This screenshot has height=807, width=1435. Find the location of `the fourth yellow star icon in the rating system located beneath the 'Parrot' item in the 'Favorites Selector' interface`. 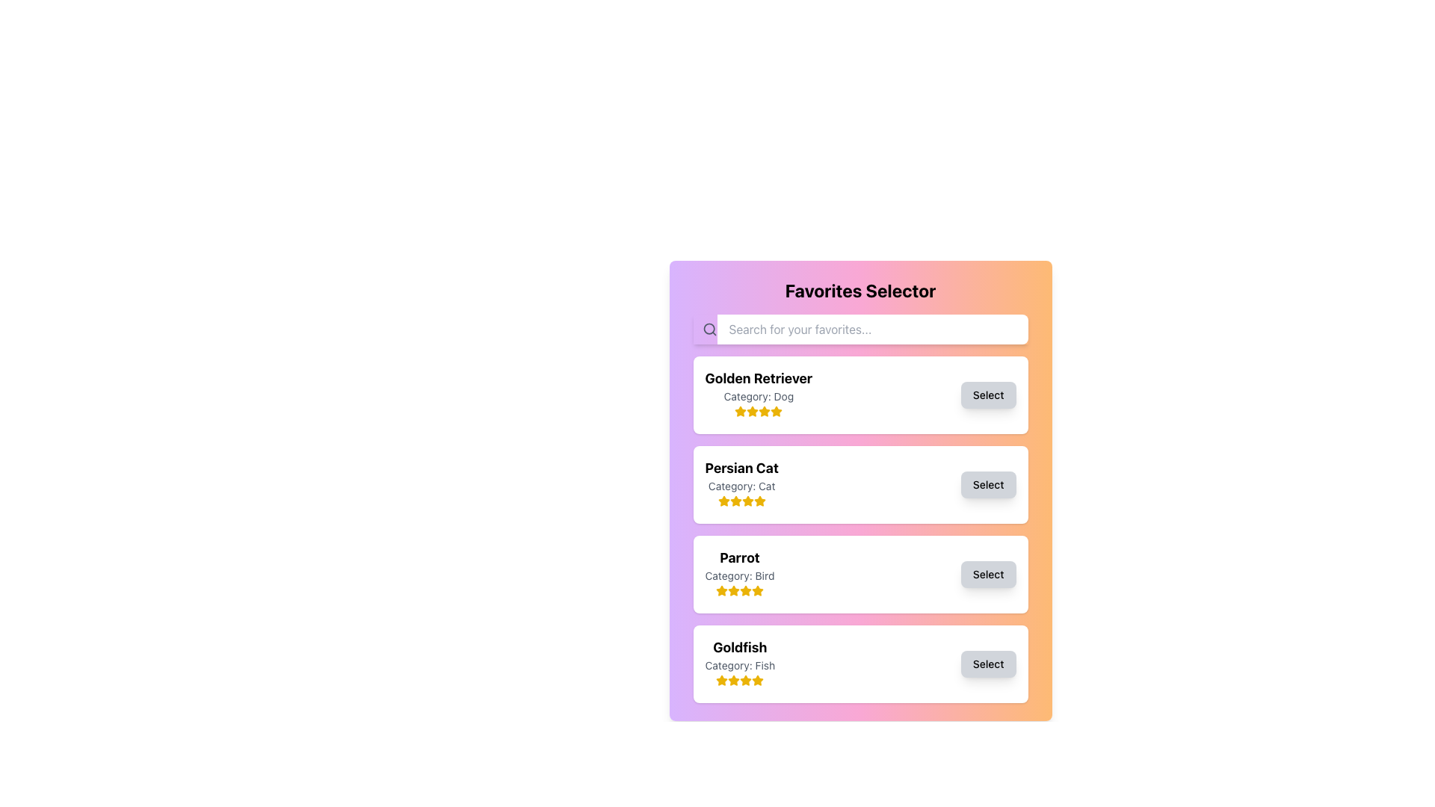

the fourth yellow star icon in the rating system located beneath the 'Parrot' item in the 'Favorites Selector' interface is located at coordinates (746, 590).